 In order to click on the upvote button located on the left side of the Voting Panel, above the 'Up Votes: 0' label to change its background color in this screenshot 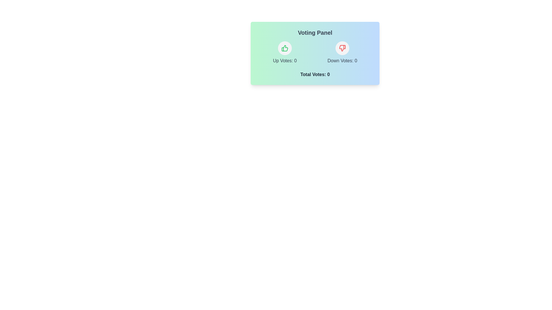, I will do `click(285, 48)`.